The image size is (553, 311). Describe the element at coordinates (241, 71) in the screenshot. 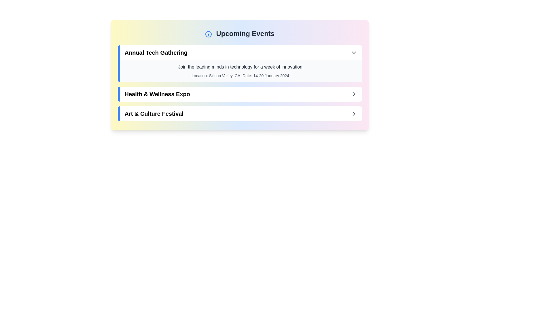

I see `the informational text block that provides details about the 'Annual Tech Gathering' event, located beneath its header and centered in the expandable section` at that location.